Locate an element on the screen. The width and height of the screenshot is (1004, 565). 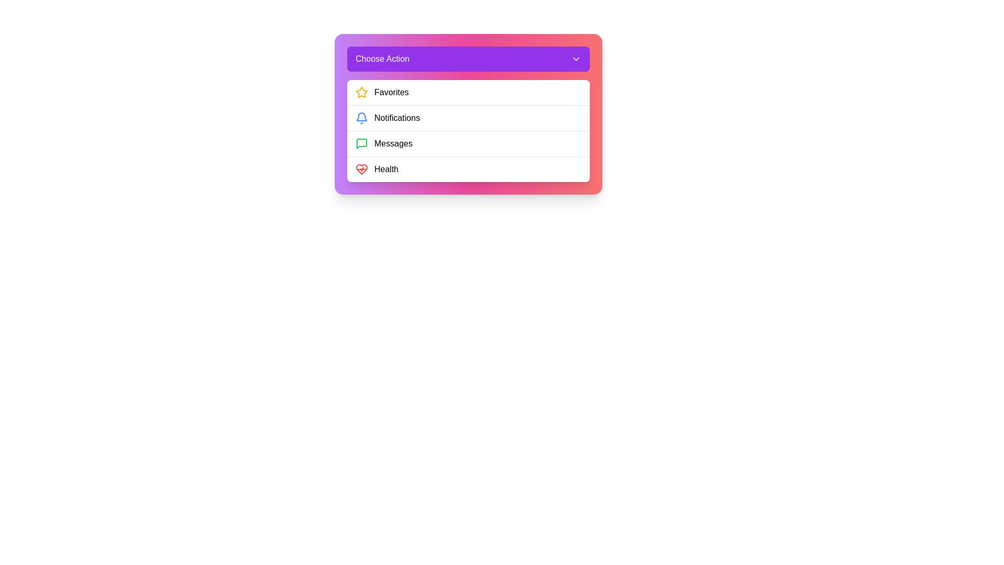
the 'Health' icon located in the fourth row of the list below the 'Choose Action' dropdown menu, next to the 'Health' text label is located at coordinates (361, 169).